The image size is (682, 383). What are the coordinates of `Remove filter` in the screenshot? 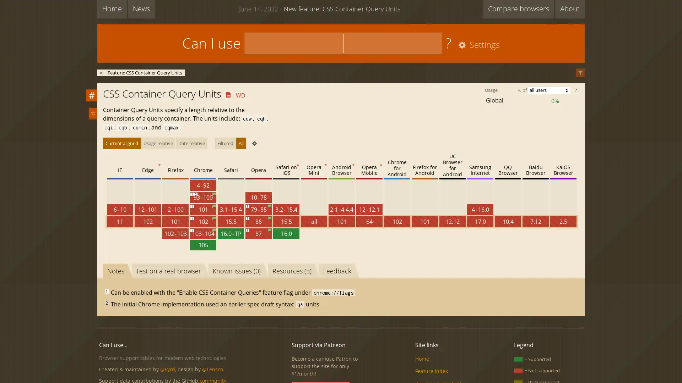 It's located at (101, 72).